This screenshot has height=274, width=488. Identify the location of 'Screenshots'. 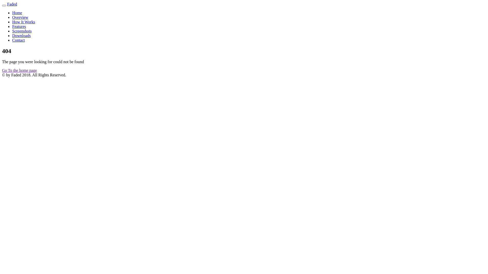
(22, 31).